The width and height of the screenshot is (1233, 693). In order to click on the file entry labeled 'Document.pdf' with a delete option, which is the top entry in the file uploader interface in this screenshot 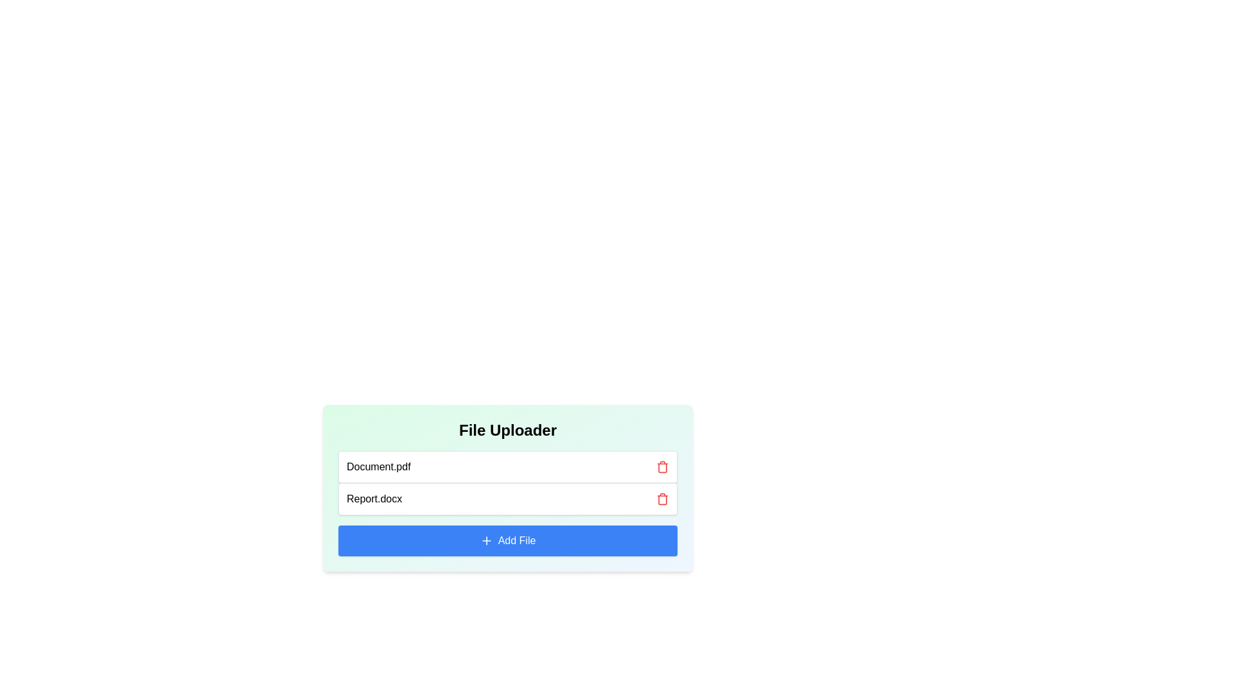, I will do `click(507, 467)`.